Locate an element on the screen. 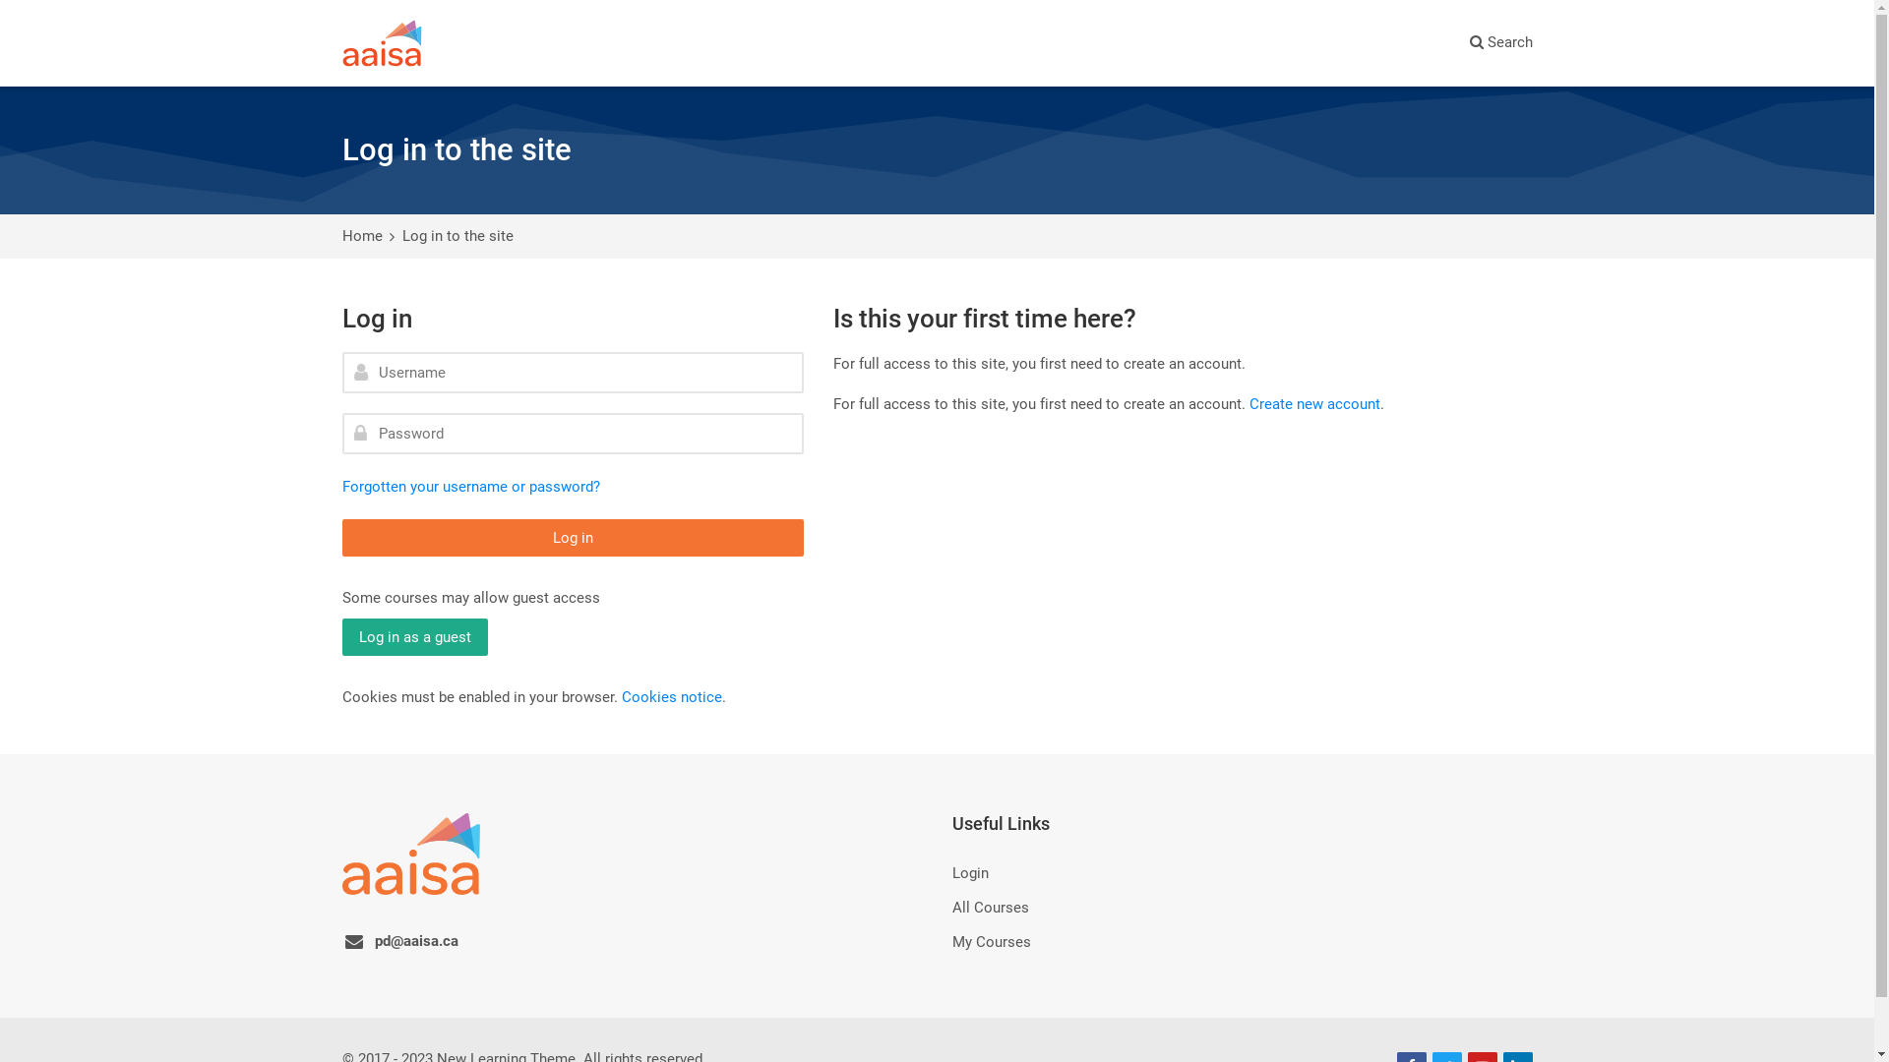 The width and height of the screenshot is (1889, 1062). 'All Courses' is located at coordinates (991, 907).